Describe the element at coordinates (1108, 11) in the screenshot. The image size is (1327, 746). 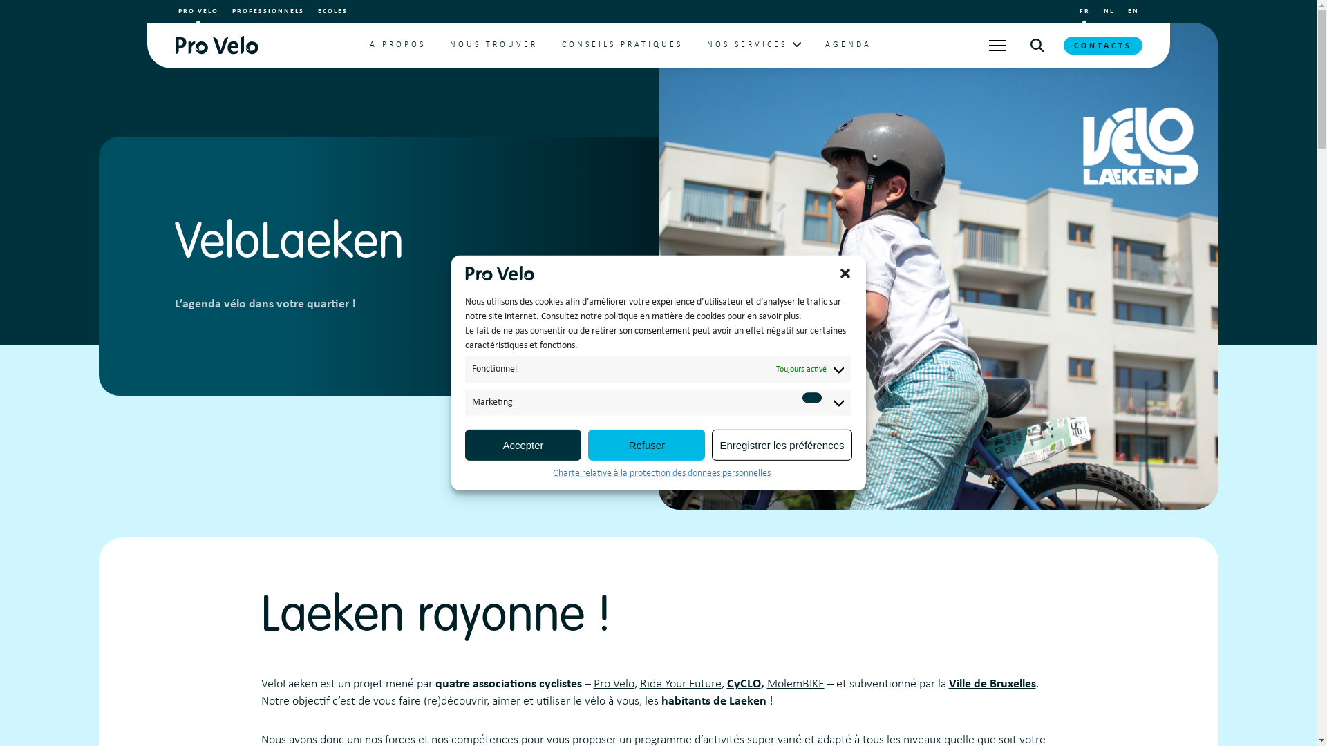
I see `'NL'` at that location.